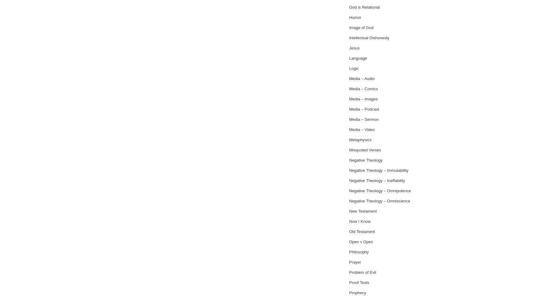 The width and height of the screenshot is (544, 301). I want to click on 'Prayer', so click(355, 262).